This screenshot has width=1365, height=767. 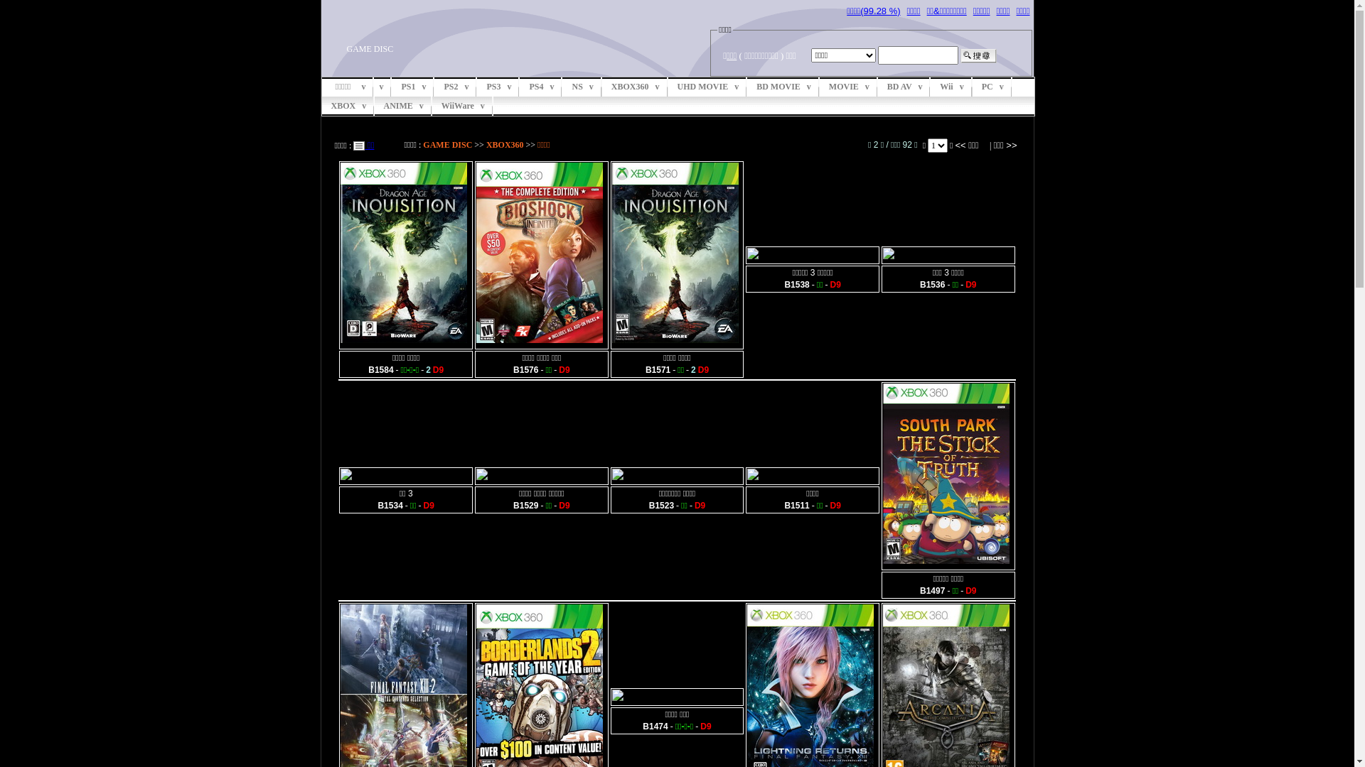 I want to click on '  PS2  ', so click(x=433, y=87).